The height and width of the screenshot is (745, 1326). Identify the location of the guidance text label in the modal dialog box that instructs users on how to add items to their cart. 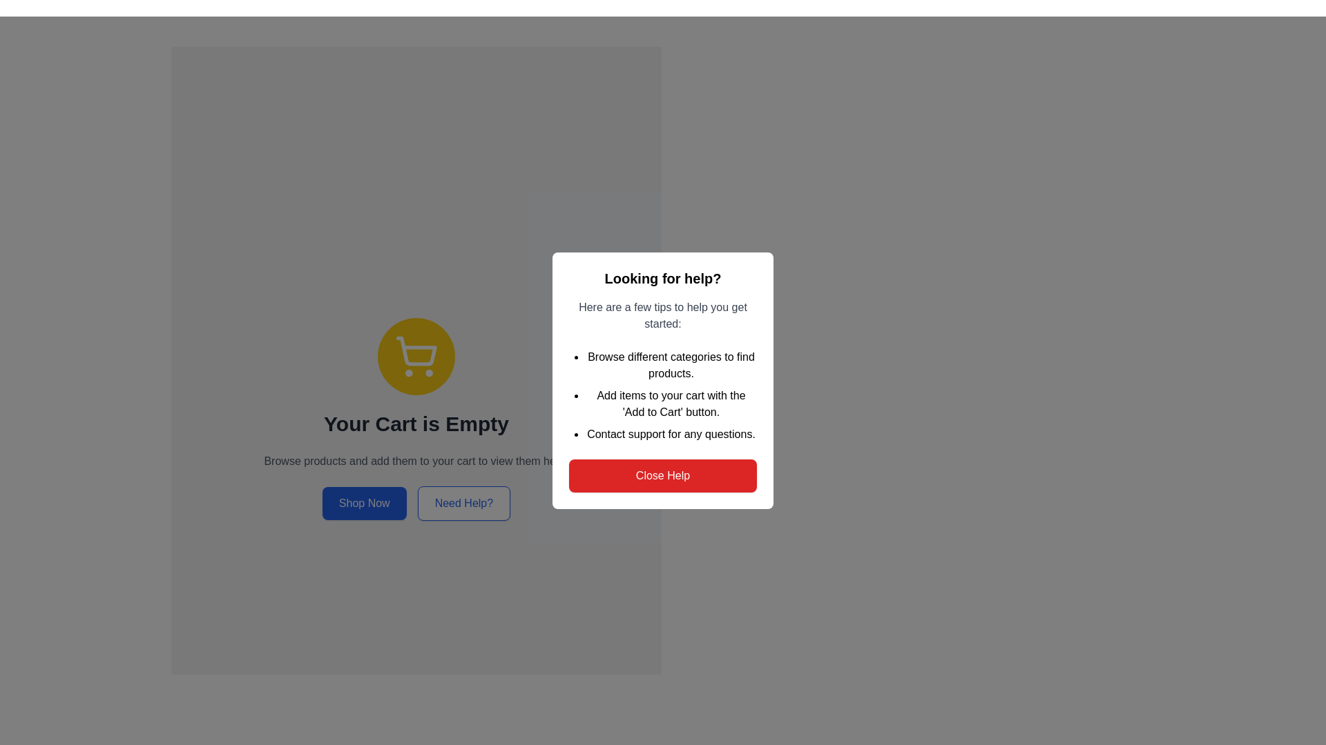
(671, 404).